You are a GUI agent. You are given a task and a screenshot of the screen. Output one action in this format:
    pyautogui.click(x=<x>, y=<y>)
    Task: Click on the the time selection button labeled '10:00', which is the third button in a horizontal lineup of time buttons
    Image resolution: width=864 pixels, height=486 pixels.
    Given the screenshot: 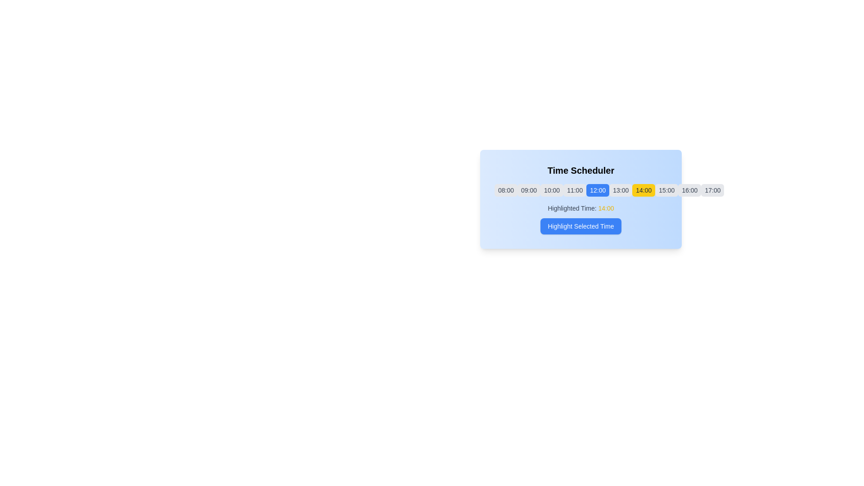 What is the action you would take?
    pyautogui.click(x=551, y=190)
    